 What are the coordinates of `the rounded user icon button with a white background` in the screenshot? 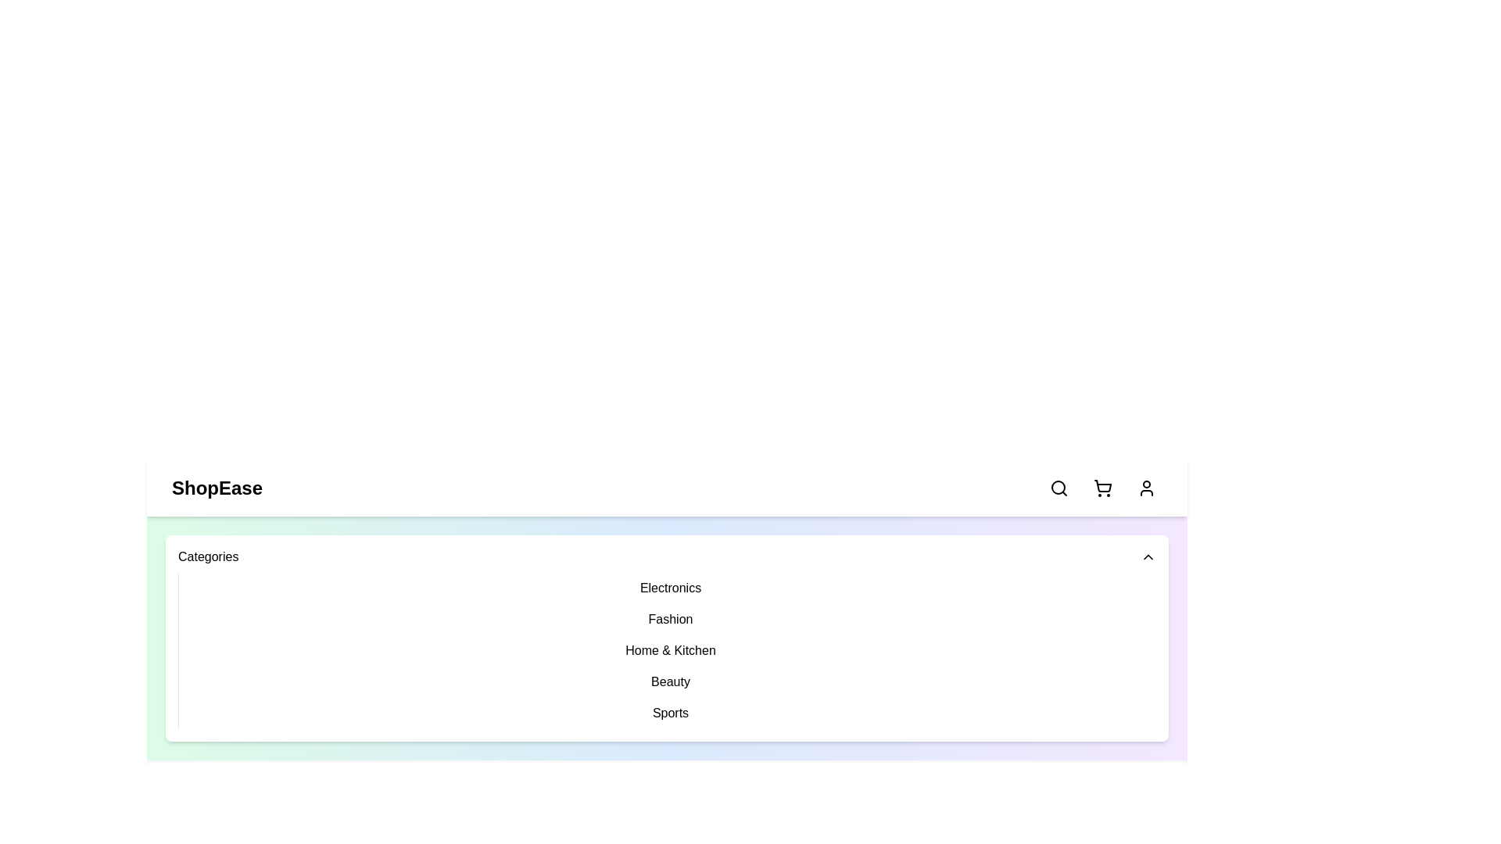 It's located at (1147, 487).